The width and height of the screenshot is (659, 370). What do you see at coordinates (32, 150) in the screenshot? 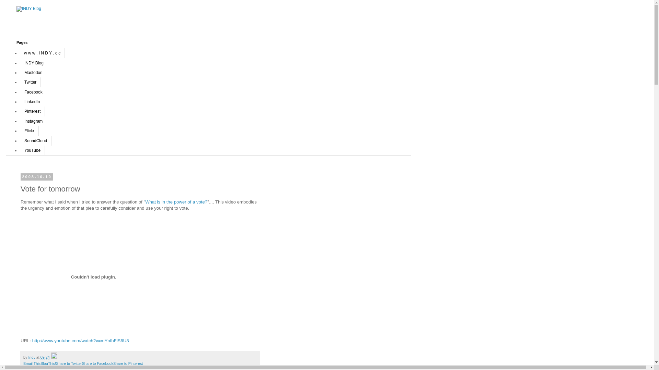
I see `'YouTube'` at bounding box center [32, 150].